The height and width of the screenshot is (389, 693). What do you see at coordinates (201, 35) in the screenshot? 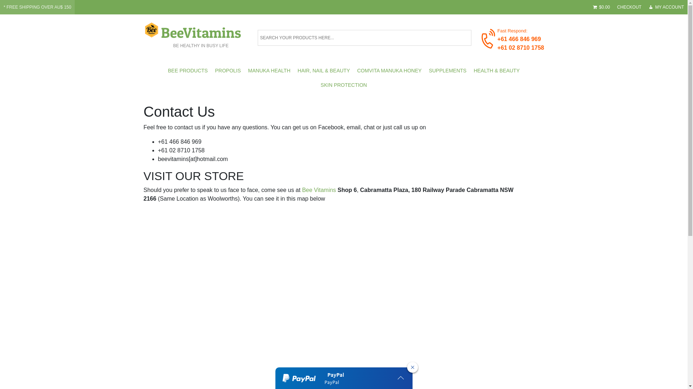
I see `'BeeVitamins` at bounding box center [201, 35].